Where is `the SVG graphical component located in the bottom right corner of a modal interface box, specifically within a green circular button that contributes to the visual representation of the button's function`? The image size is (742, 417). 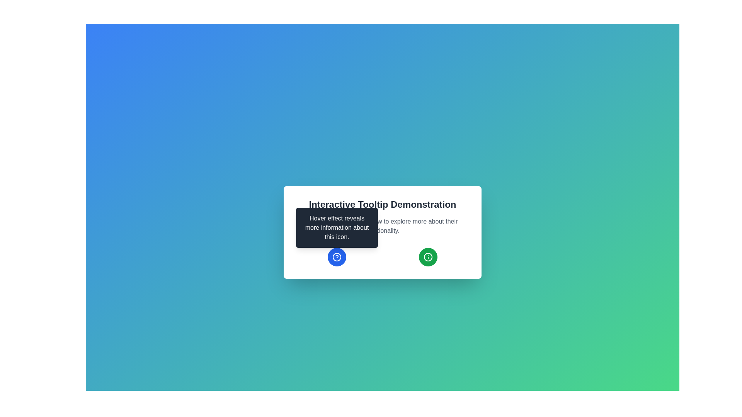
the SVG graphical component located in the bottom right corner of a modal interface box, specifically within a green circular button that contributes to the visual representation of the button's function is located at coordinates (428, 257).